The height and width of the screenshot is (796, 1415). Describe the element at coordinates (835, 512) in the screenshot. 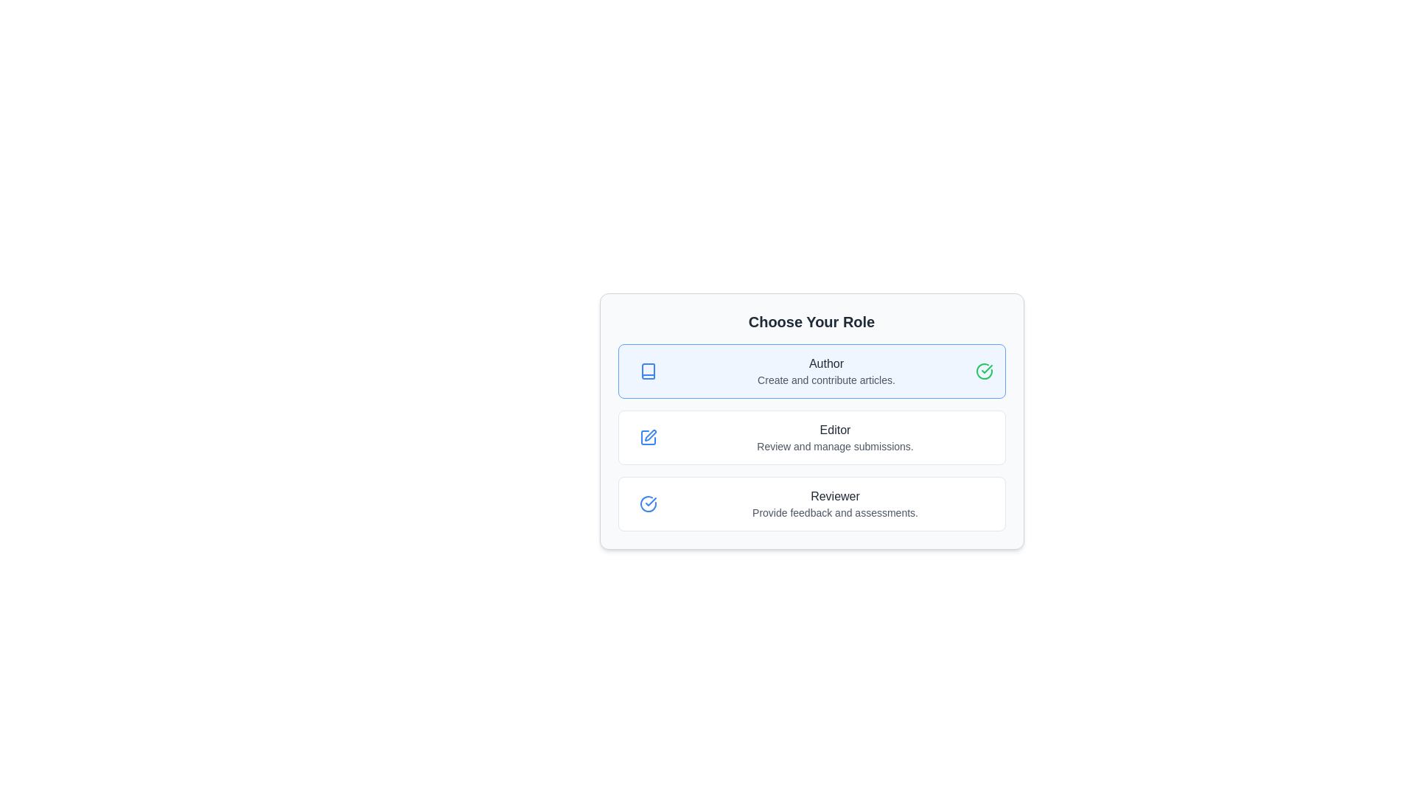

I see `text label that says 'Provide feedback and assessments.' located below the bold title 'Reviewer' in the 'Choose Your Role' interface` at that location.